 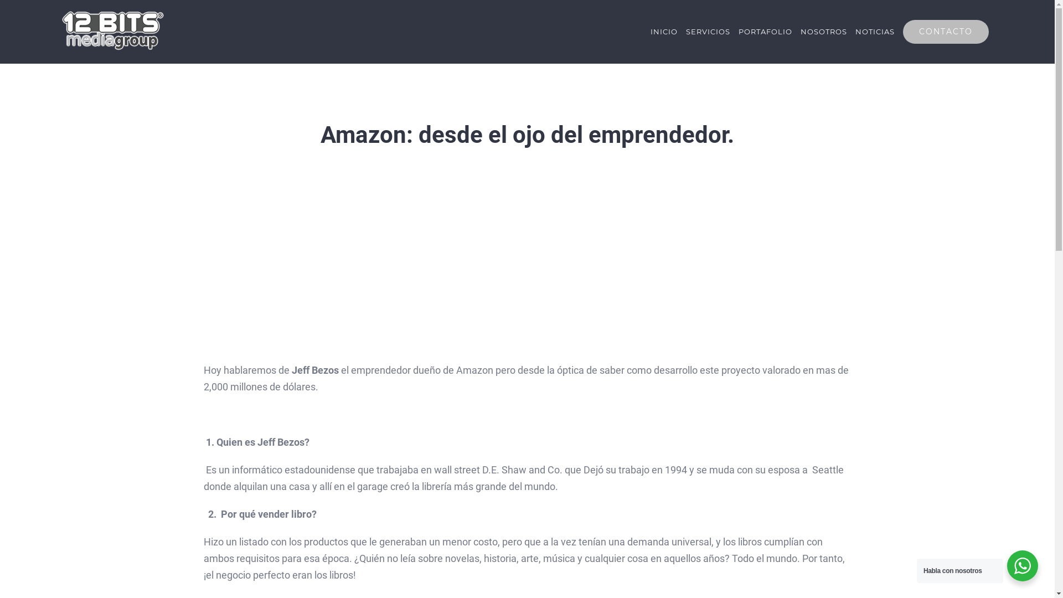 I want to click on 'INICIO', so click(x=651, y=31).